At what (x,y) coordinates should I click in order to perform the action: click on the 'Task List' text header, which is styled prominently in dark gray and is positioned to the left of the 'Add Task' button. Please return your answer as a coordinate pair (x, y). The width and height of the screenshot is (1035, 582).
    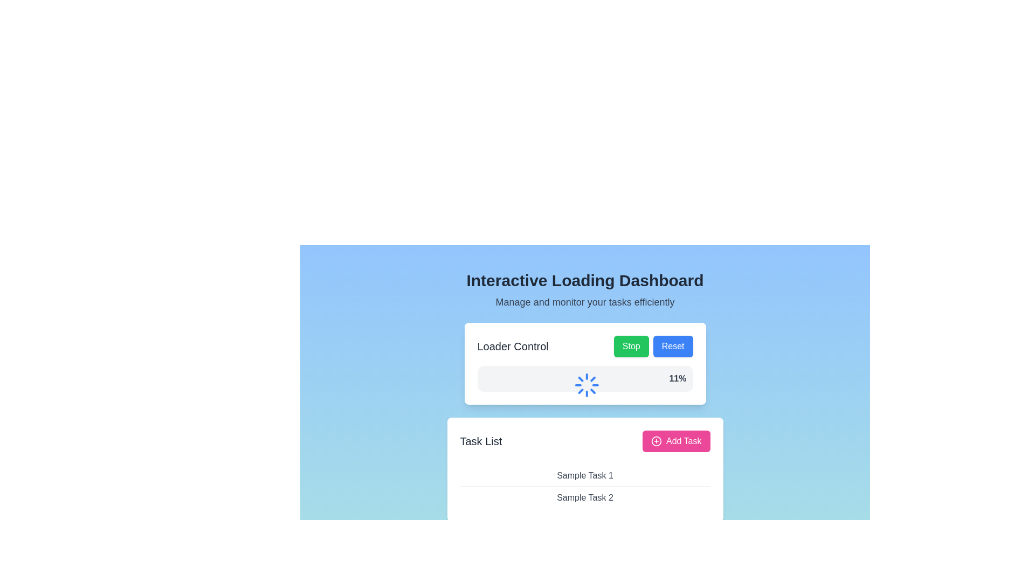
    Looking at the image, I should click on (480, 441).